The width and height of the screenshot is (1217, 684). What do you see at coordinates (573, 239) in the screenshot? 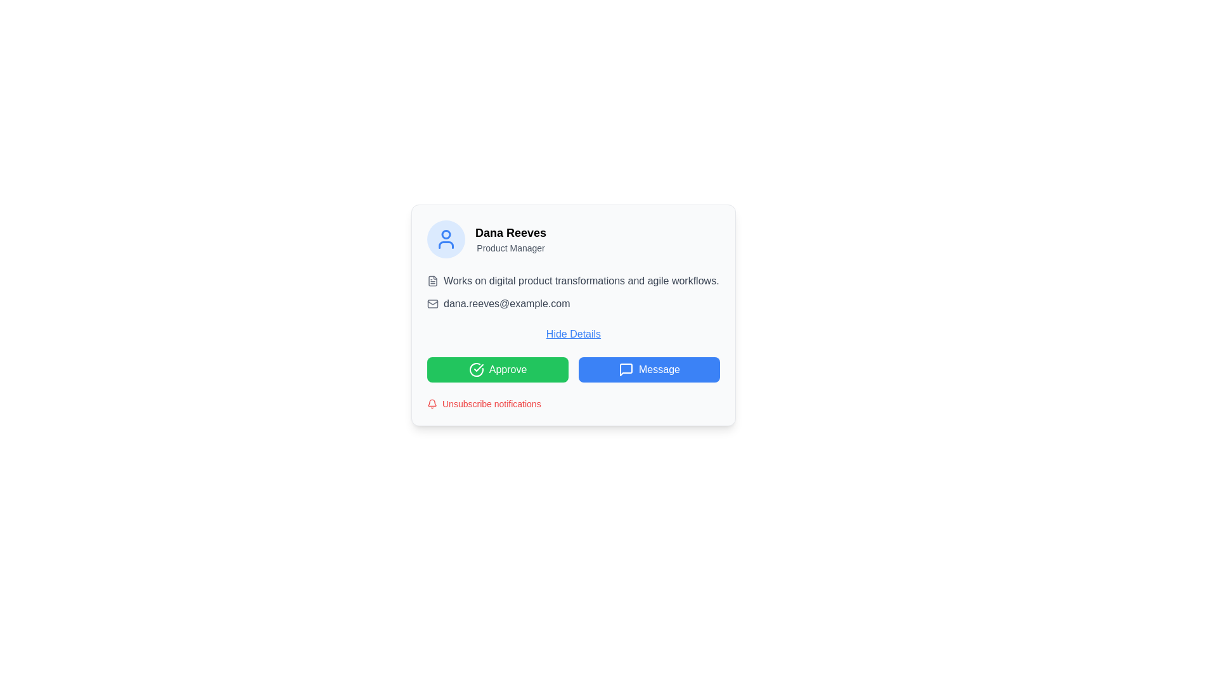
I see `the user's name and title displayed in the user profile located at the top-left of the card, which includes the user's avatar, name, and title` at bounding box center [573, 239].